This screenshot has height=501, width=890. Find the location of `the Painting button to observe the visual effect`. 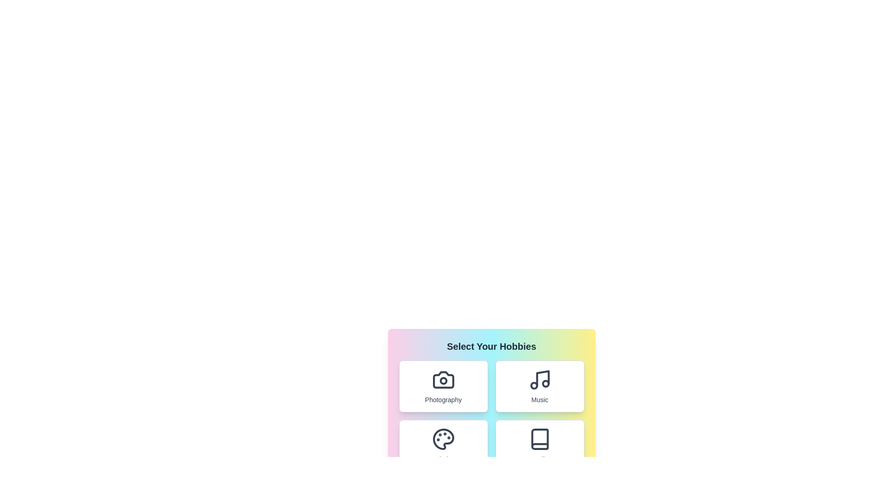

the Painting button to observe the visual effect is located at coordinates (443, 445).